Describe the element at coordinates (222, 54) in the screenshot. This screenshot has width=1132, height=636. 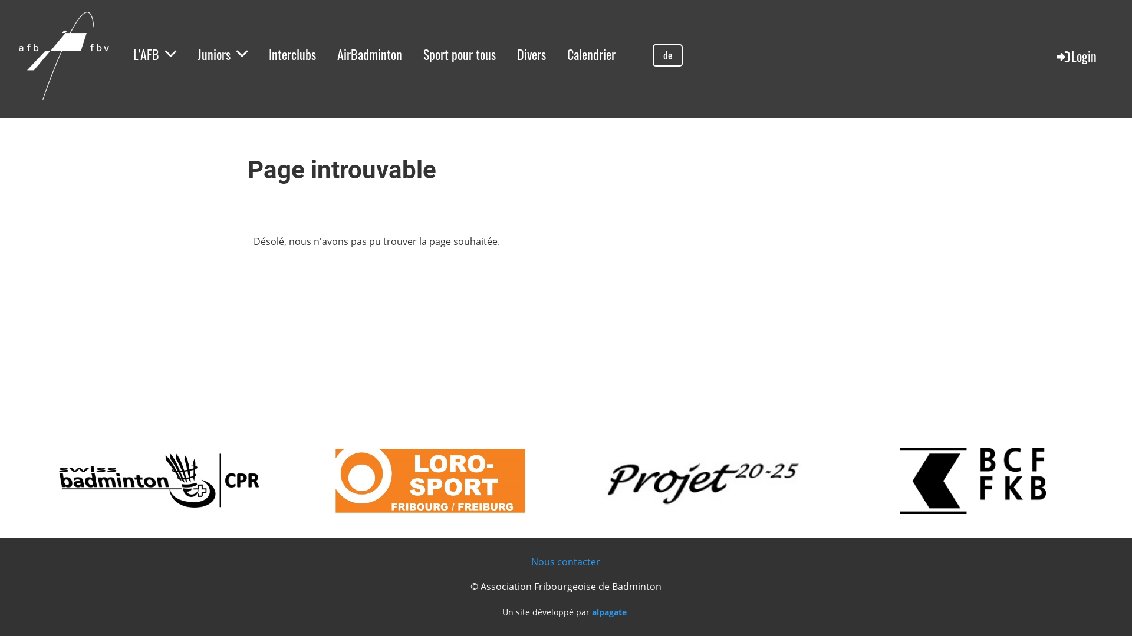
I see `'Juniors'` at that location.